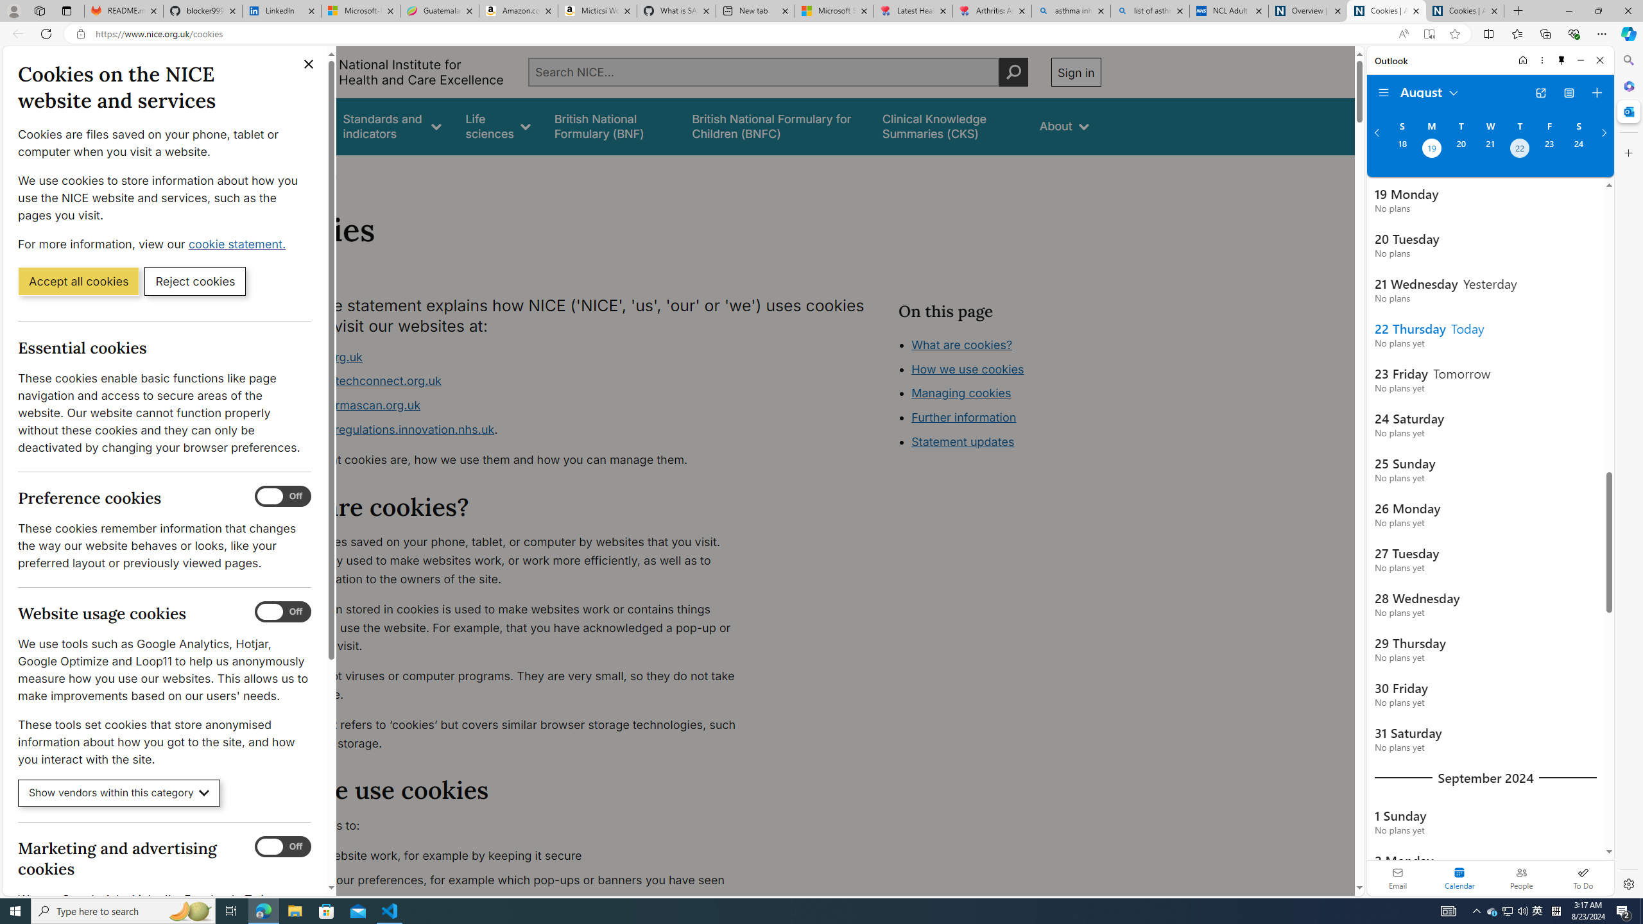 The image size is (1643, 924). What do you see at coordinates (1489, 150) in the screenshot?
I see `'Wednesday, August 21, 2024. '` at bounding box center [1489, 150].